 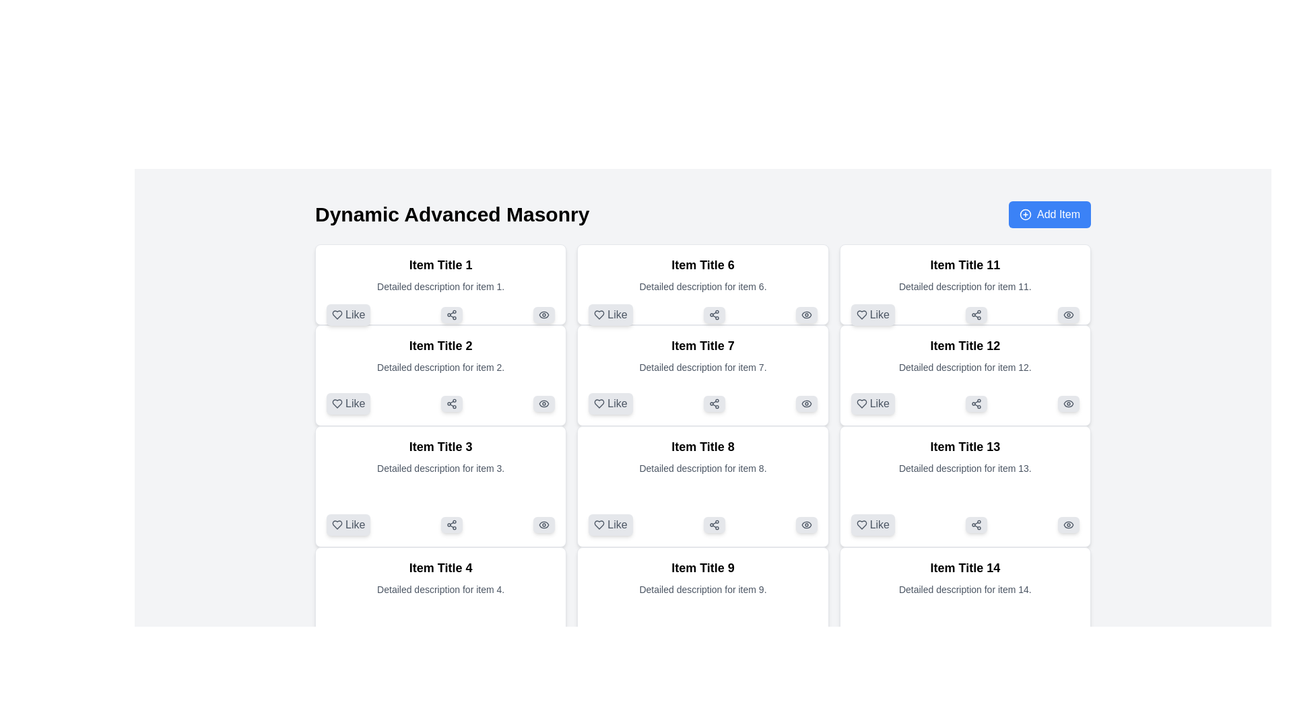 I want to click on the circular icon with a plus sign, which is part of the 'Add Item' button located at the top-right of the interface, so click(x=1024, y=214).